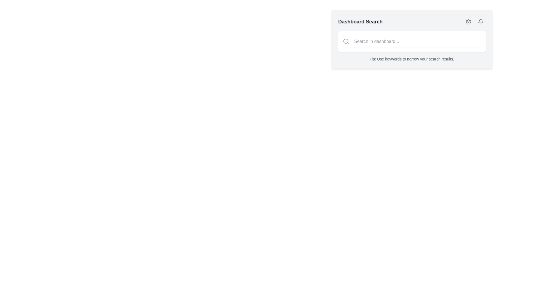 The width and height of the screenshot is (536, 301). What do you see at coordinates (468, 21) in the screenshot?
I see `the cogwheel-type icon in the 'Dashboard Search' section` at bounding box center [468, 21].